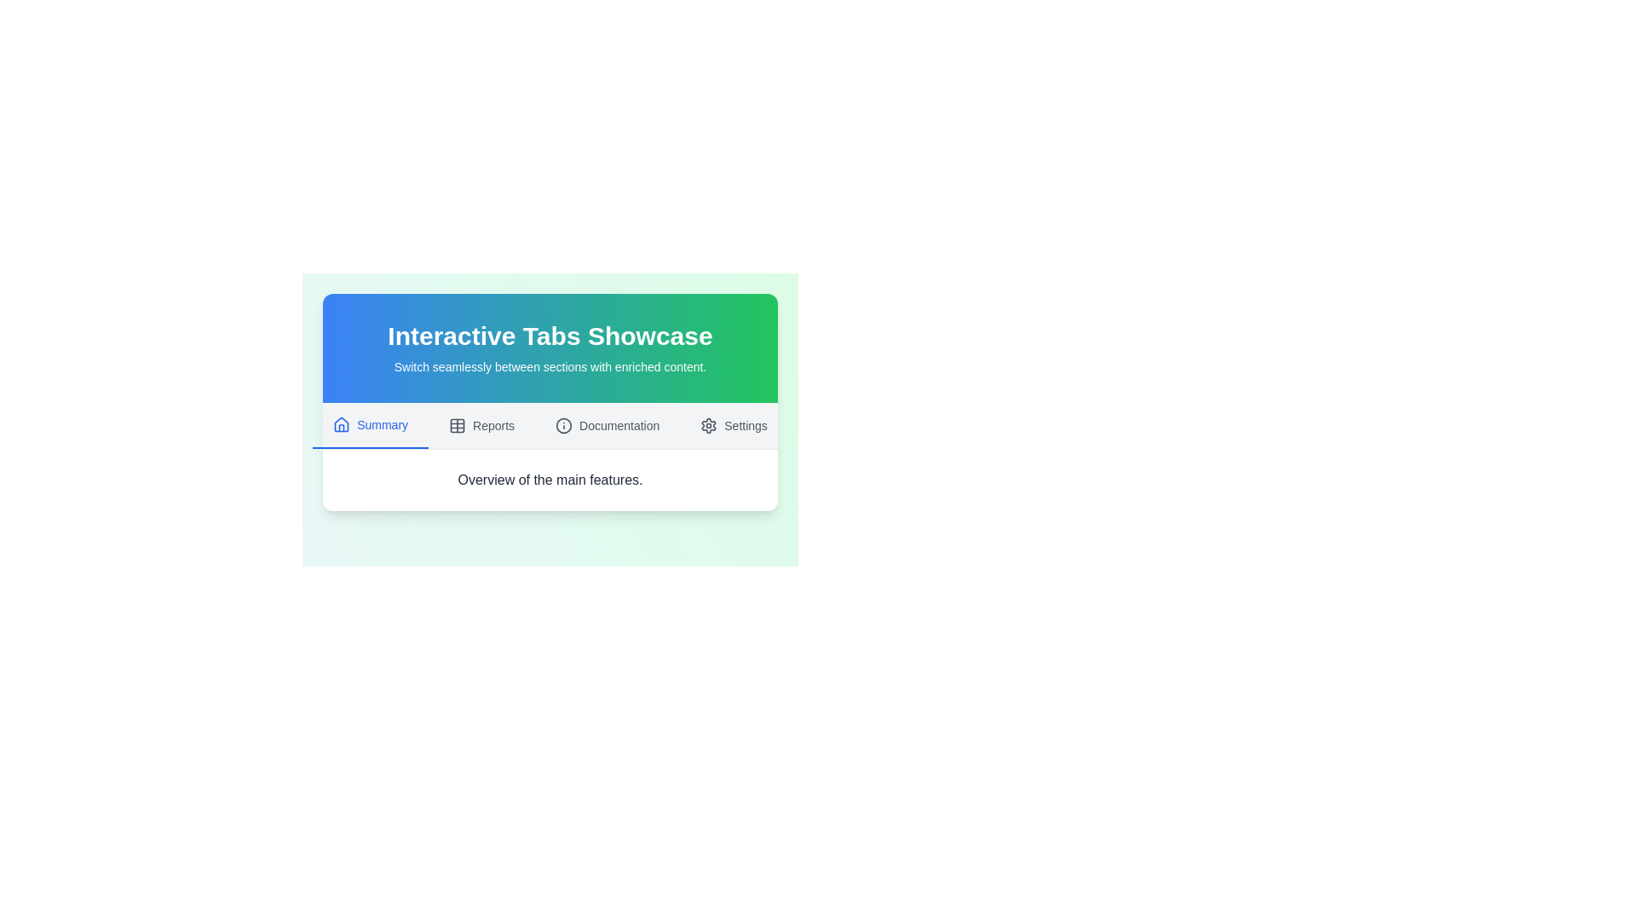 The width and height of the screenshot is (1636, 920). Describe the element at coordinates (734, 425) in the screenshot. I see `the 'Settings' navigation tab, which is the fourth item in the horizontal navigation bar` at that location.